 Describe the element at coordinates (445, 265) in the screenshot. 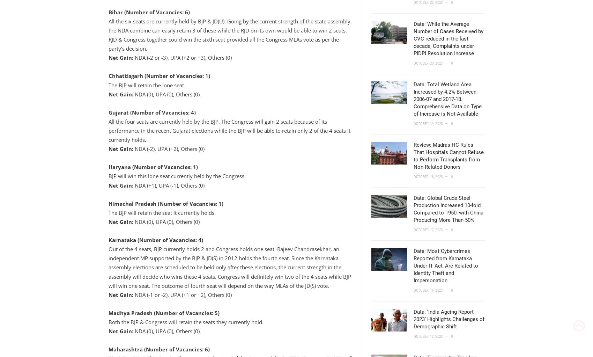

I see `'Data: Most Cybercrimes Reported from Karnataka Under IT Act, Are Related to Identity Theft and Impersonation'` at that location.